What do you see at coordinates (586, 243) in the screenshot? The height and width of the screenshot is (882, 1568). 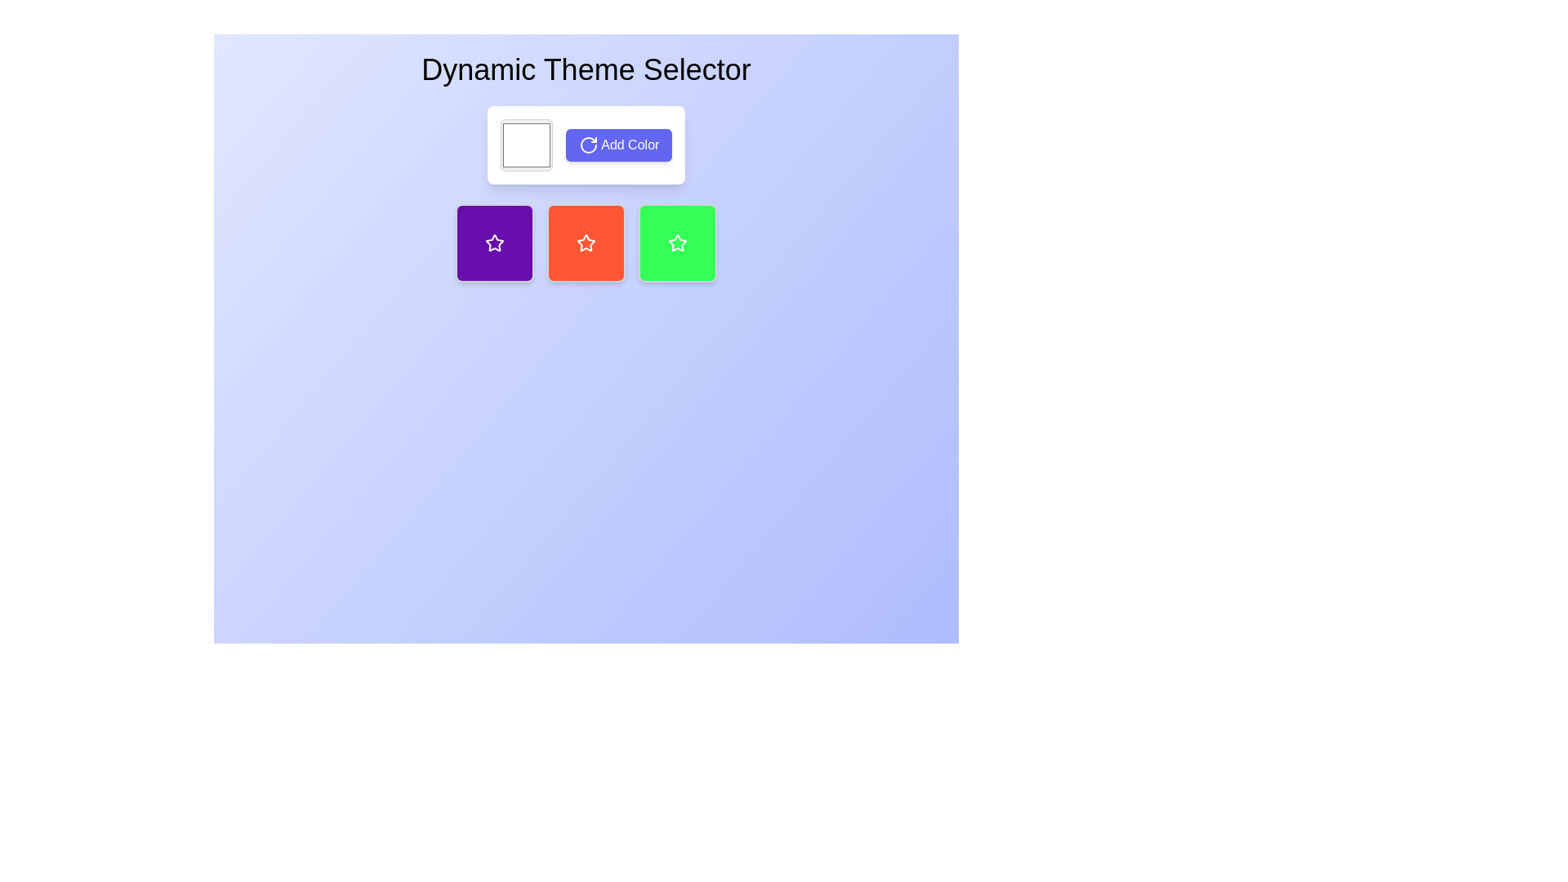 I see `the middle button in the grid of three buttons, located below the 'Dynamic Theme Selector' title and directly beneath the 'Add Color' button` at bounding box center [586, 243].